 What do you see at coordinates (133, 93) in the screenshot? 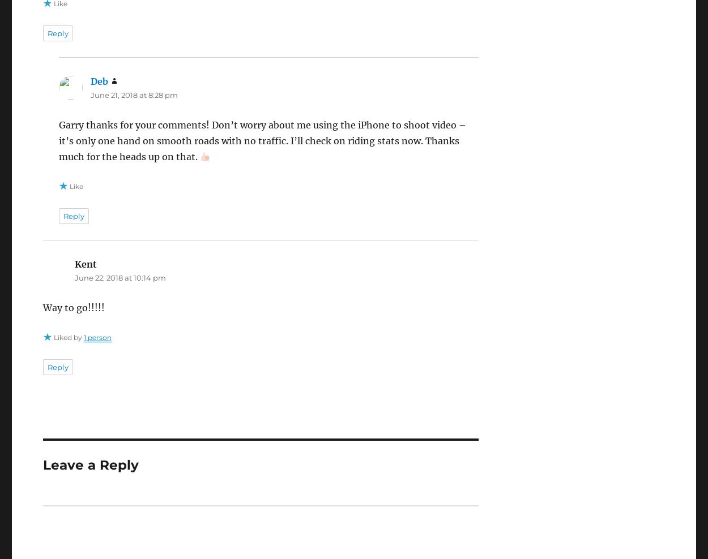
I see `'June 21, 2018 at 8:28 pm'` at bounding box center [133, 93].